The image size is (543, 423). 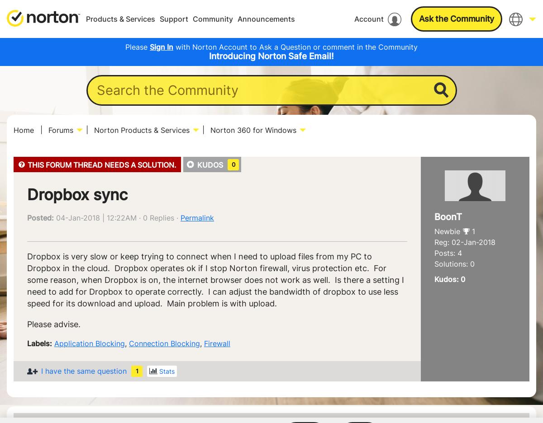 I want to click on 'Posts: 4', so click(x=448, y=252).